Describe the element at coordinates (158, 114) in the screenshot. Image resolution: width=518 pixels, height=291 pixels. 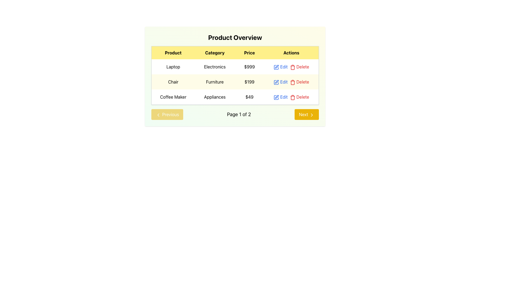
I see `the left-pointing chevron icon of the 'Previous' button located at the bottom-left of the page under the main data table` at that location.